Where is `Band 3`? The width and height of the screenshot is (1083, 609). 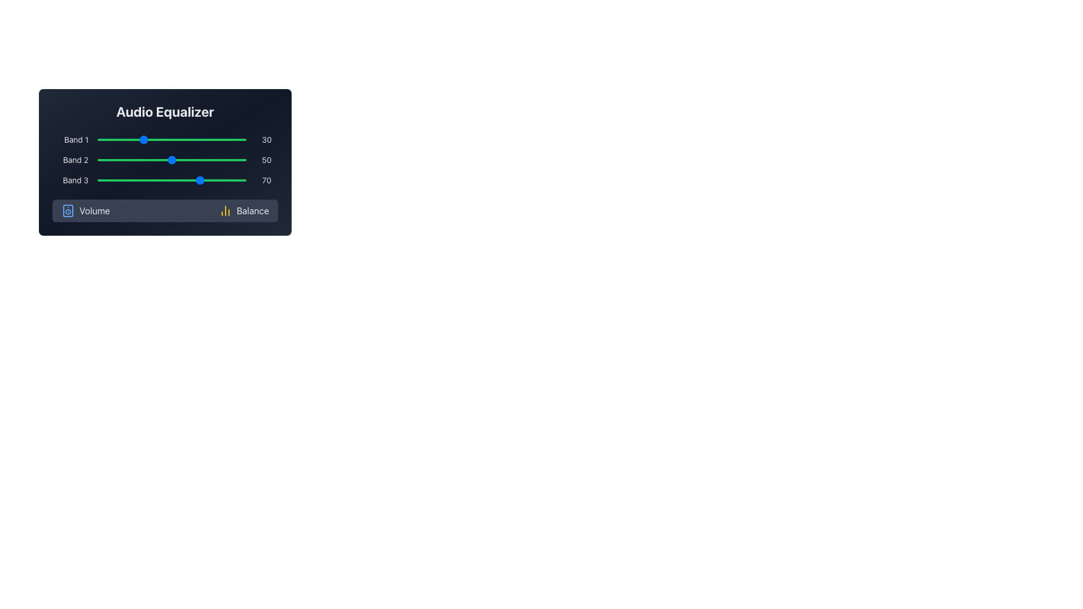 Band 3 is located at coordinates (152, 180).